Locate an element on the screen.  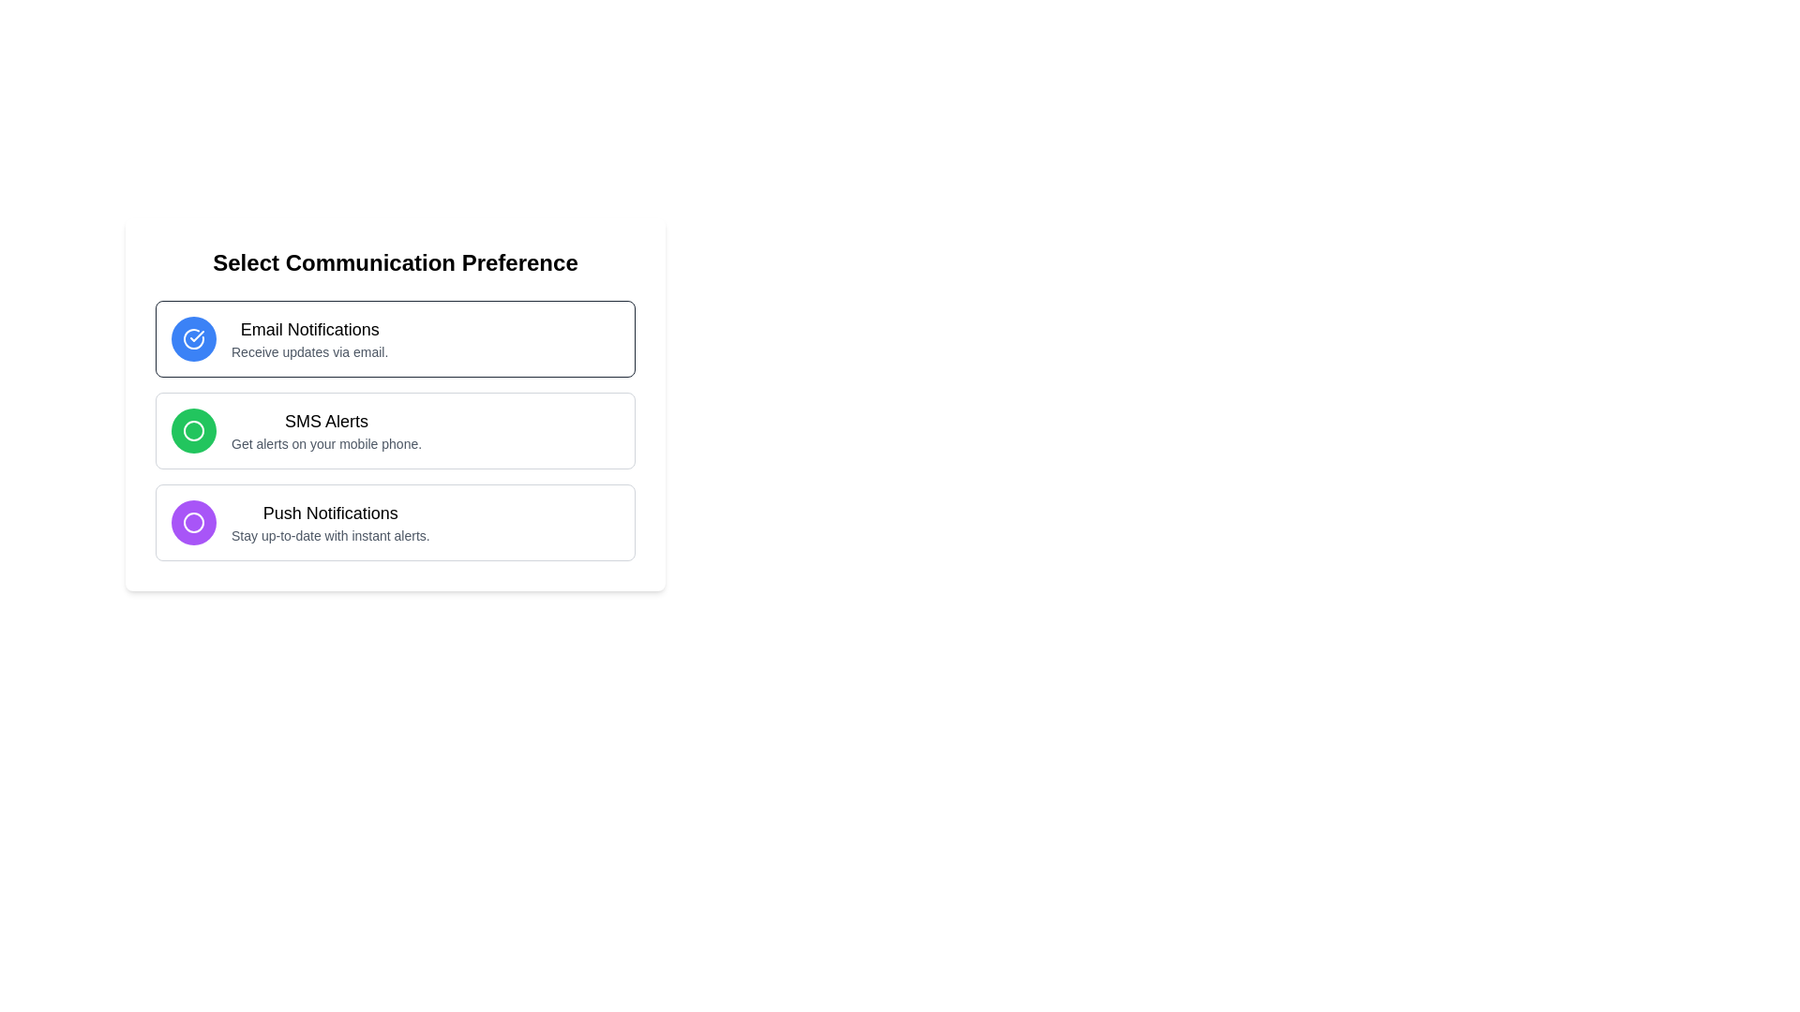
the circular graphical icon next to the 'Push Notifications' text, which is the third option in the list under 'Select Communication Preference.' is located at coordinates (193, 523).